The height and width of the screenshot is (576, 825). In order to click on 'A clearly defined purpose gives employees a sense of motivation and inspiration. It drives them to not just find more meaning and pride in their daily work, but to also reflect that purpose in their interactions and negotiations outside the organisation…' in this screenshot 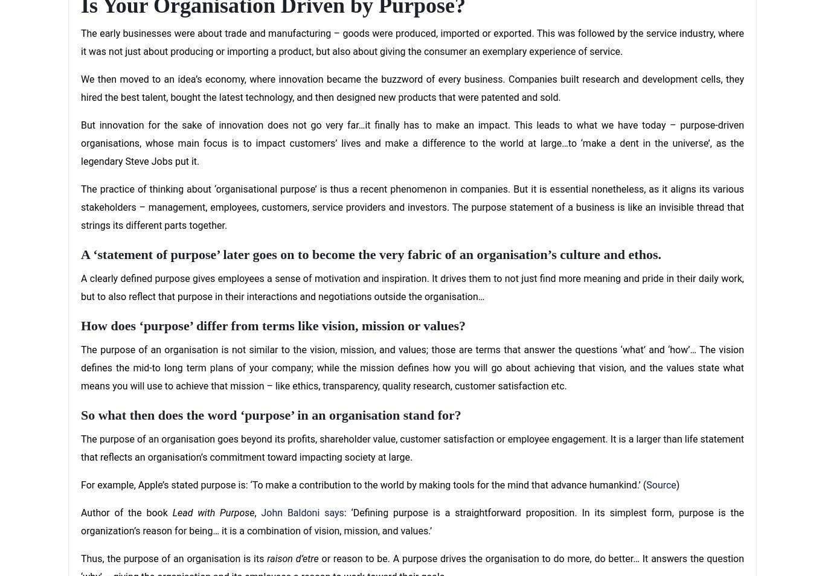, I will do `click(412, 287)`.